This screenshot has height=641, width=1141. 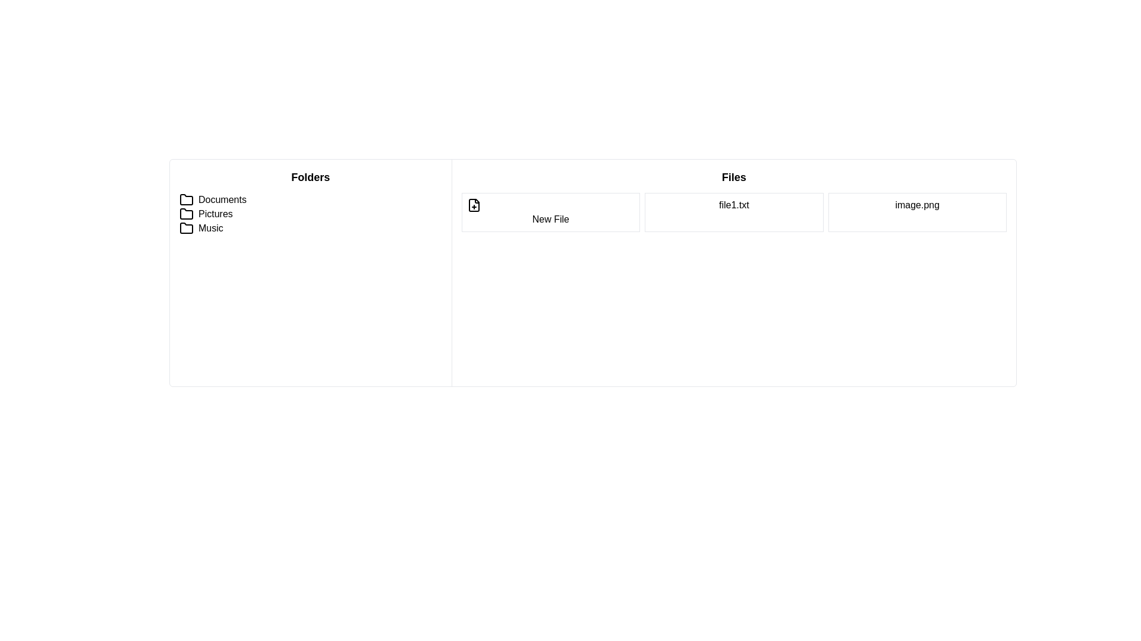 What do you see at coordinates (222, 199) in the screenshot?
I see `the 'Documents' text label in the left panel under the 'Folders' section` at bounding box center [222, 199].